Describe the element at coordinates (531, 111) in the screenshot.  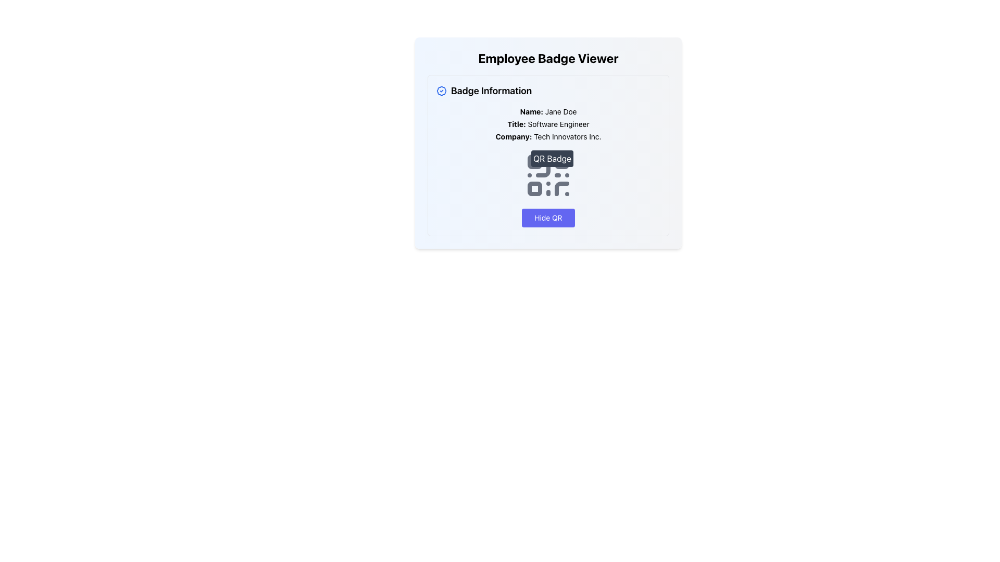
I see `the 'Name:' text display element located in the 'Badge Information' section, which is positioned to the left of the user name 'Jane Doe'` at that location.